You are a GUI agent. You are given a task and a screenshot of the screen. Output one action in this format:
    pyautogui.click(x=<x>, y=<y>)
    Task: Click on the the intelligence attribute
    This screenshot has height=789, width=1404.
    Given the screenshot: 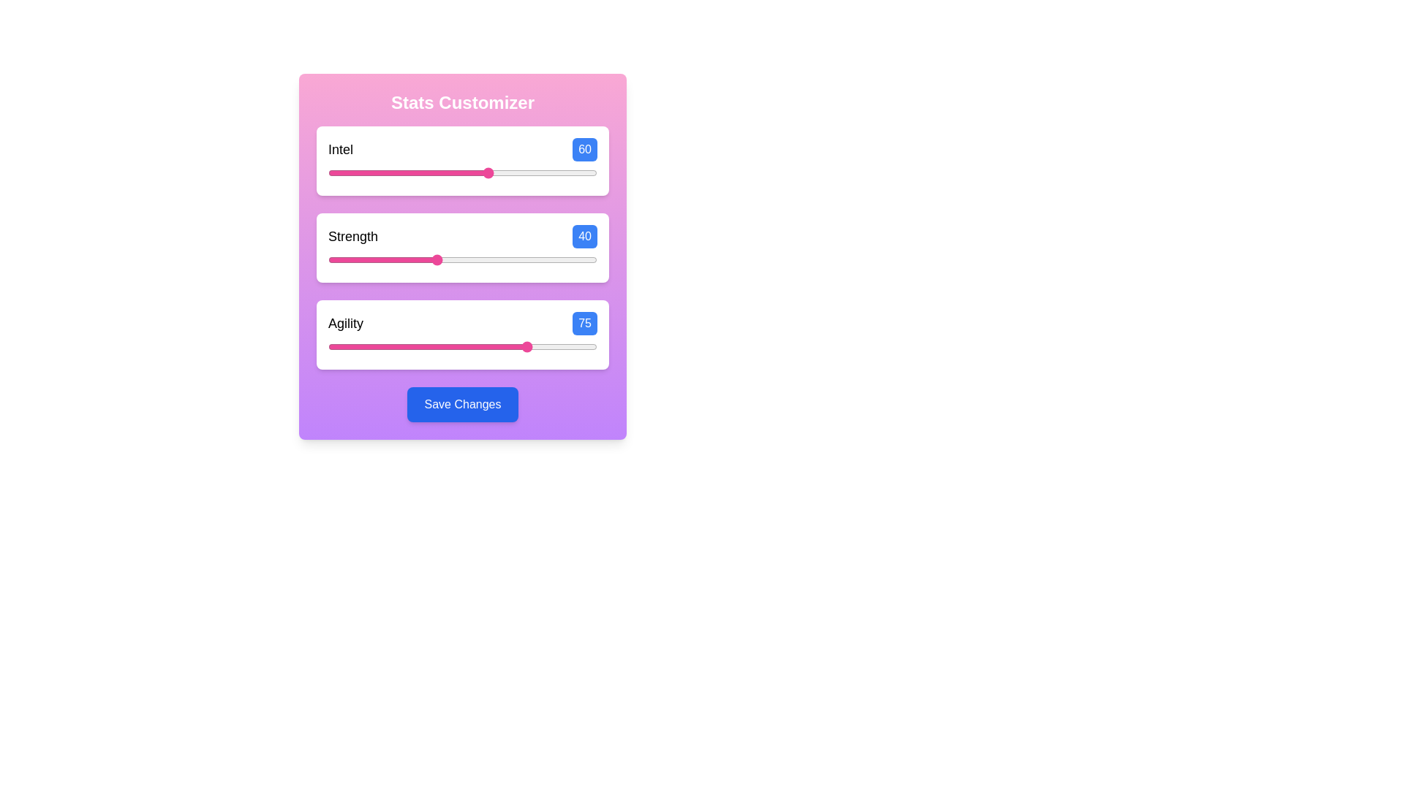 What is the action you would take?
    pyautogui.click(x=385, y=172)
    